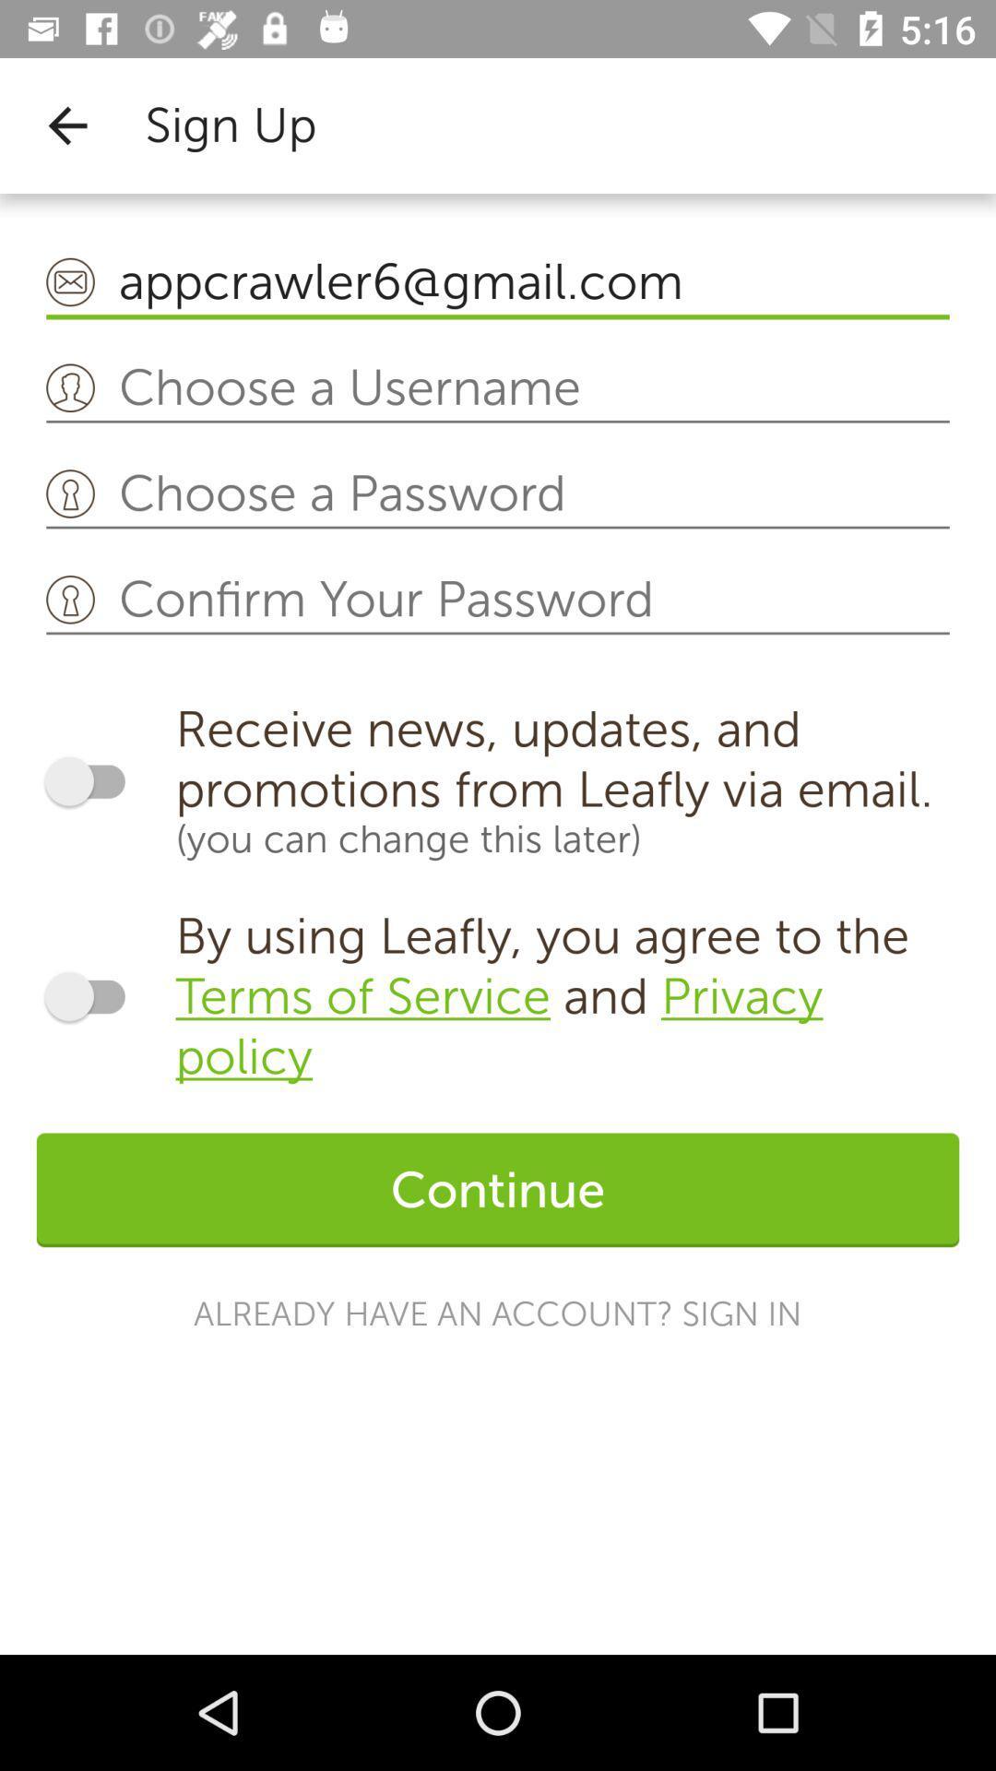 The image size is (996, 1771). I want to click on the icon below the continue item, so click(496, 1313).